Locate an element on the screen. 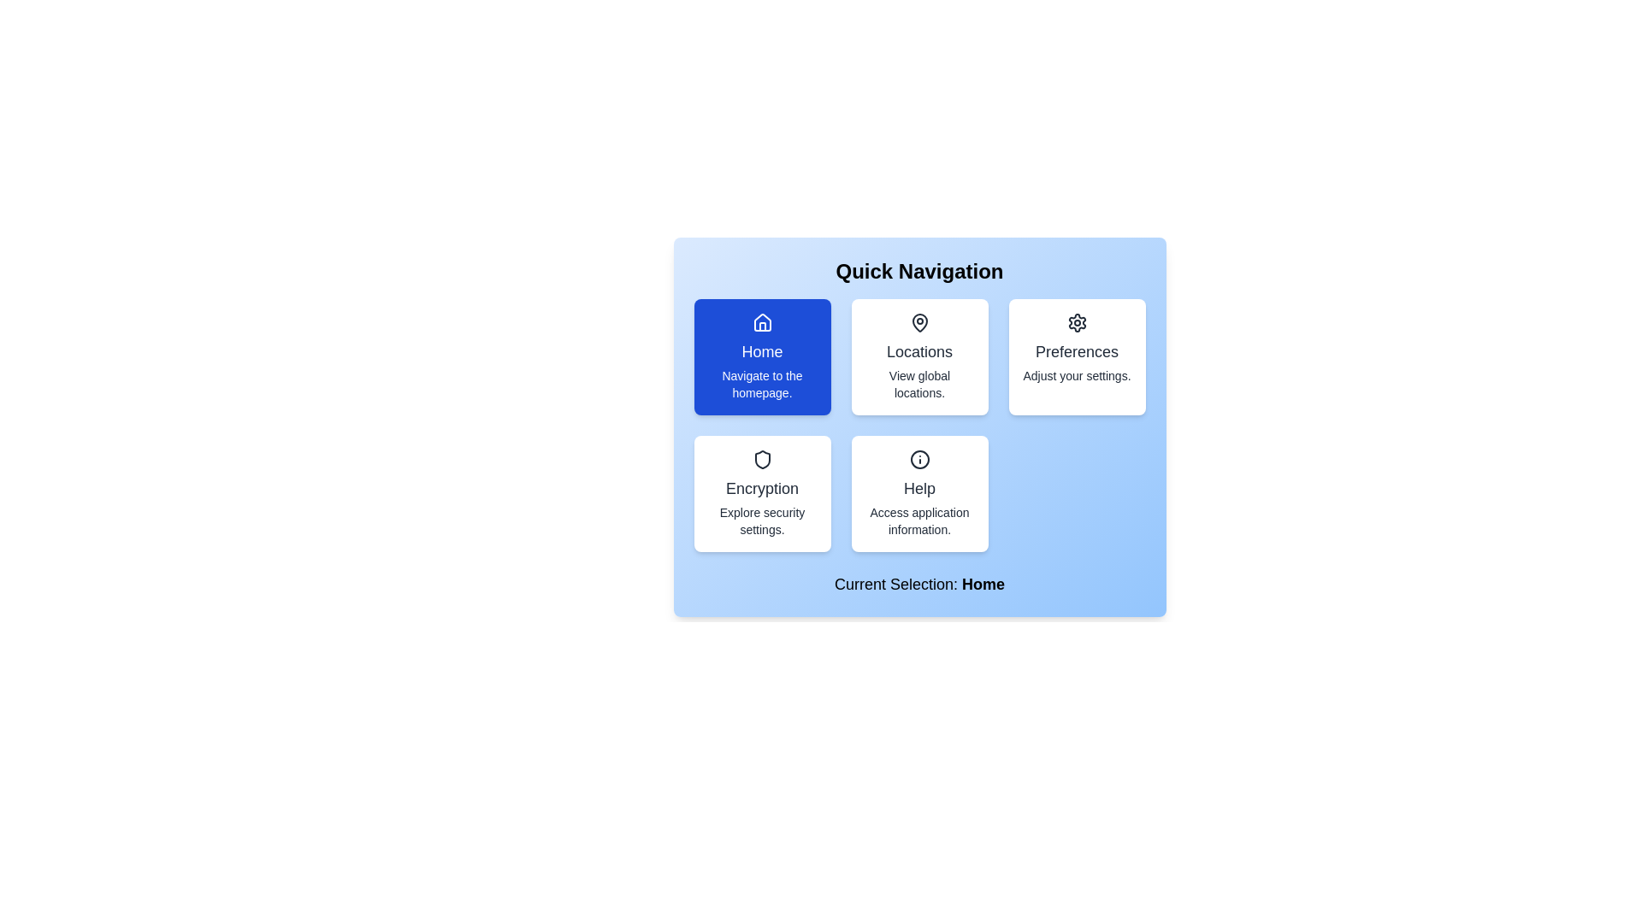 Image resolution: width=1642 pixels, height=923 pixels. the navigation option Preferences is located at coordinates (1076, 356).